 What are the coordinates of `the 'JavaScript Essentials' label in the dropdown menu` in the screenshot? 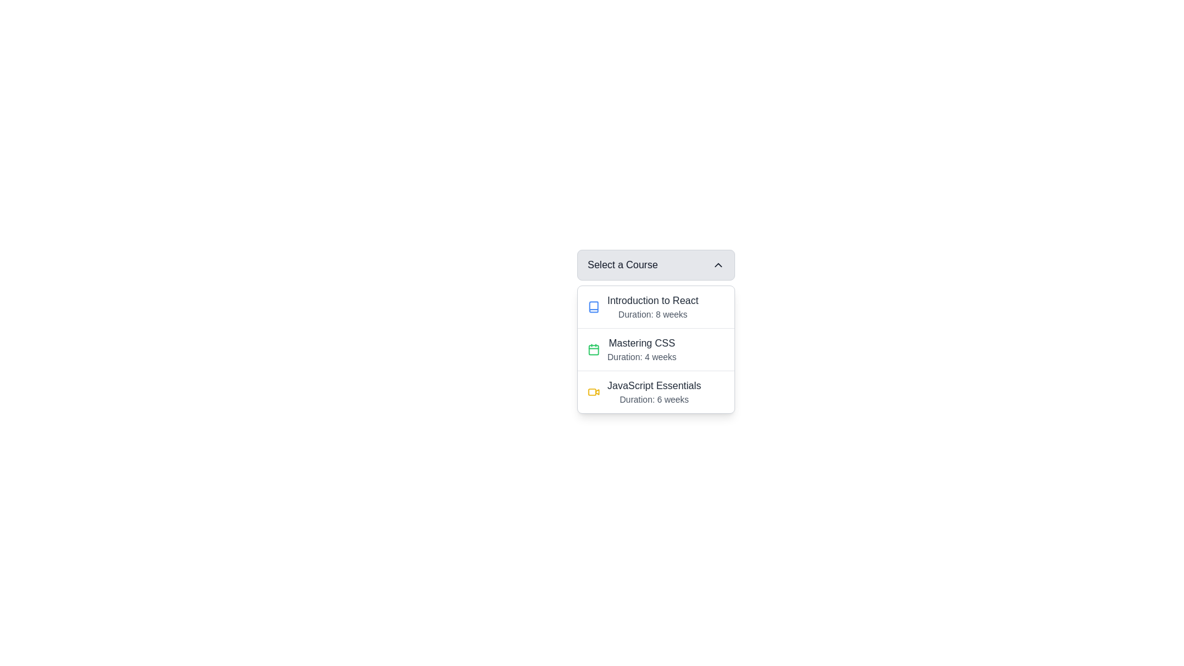 It's located at (653, 392).